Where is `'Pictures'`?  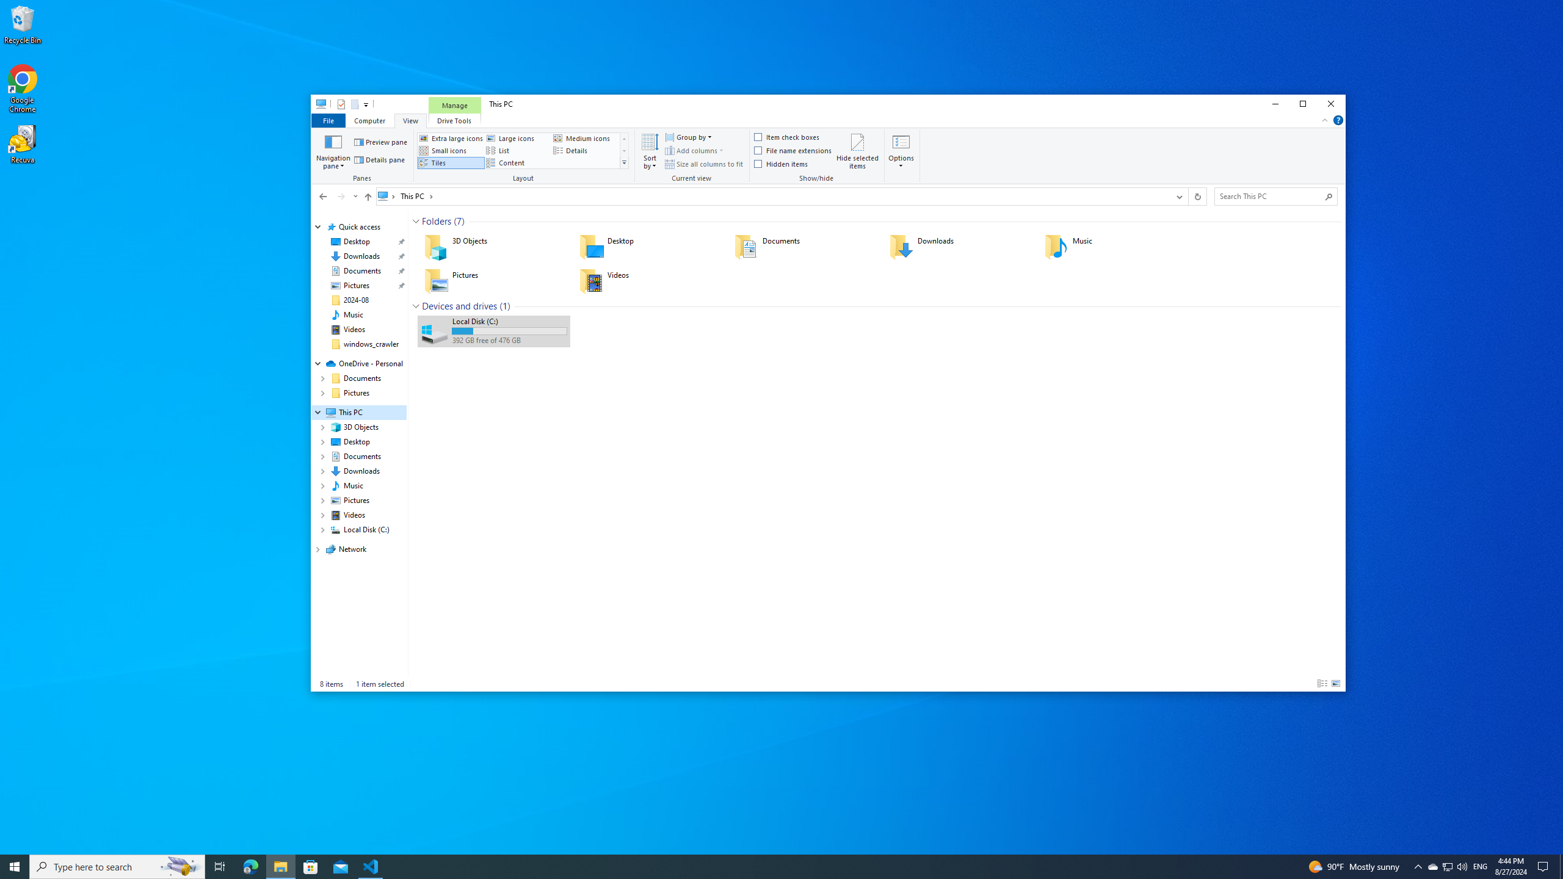 'Pictures' is located at coordinates (493, 280).